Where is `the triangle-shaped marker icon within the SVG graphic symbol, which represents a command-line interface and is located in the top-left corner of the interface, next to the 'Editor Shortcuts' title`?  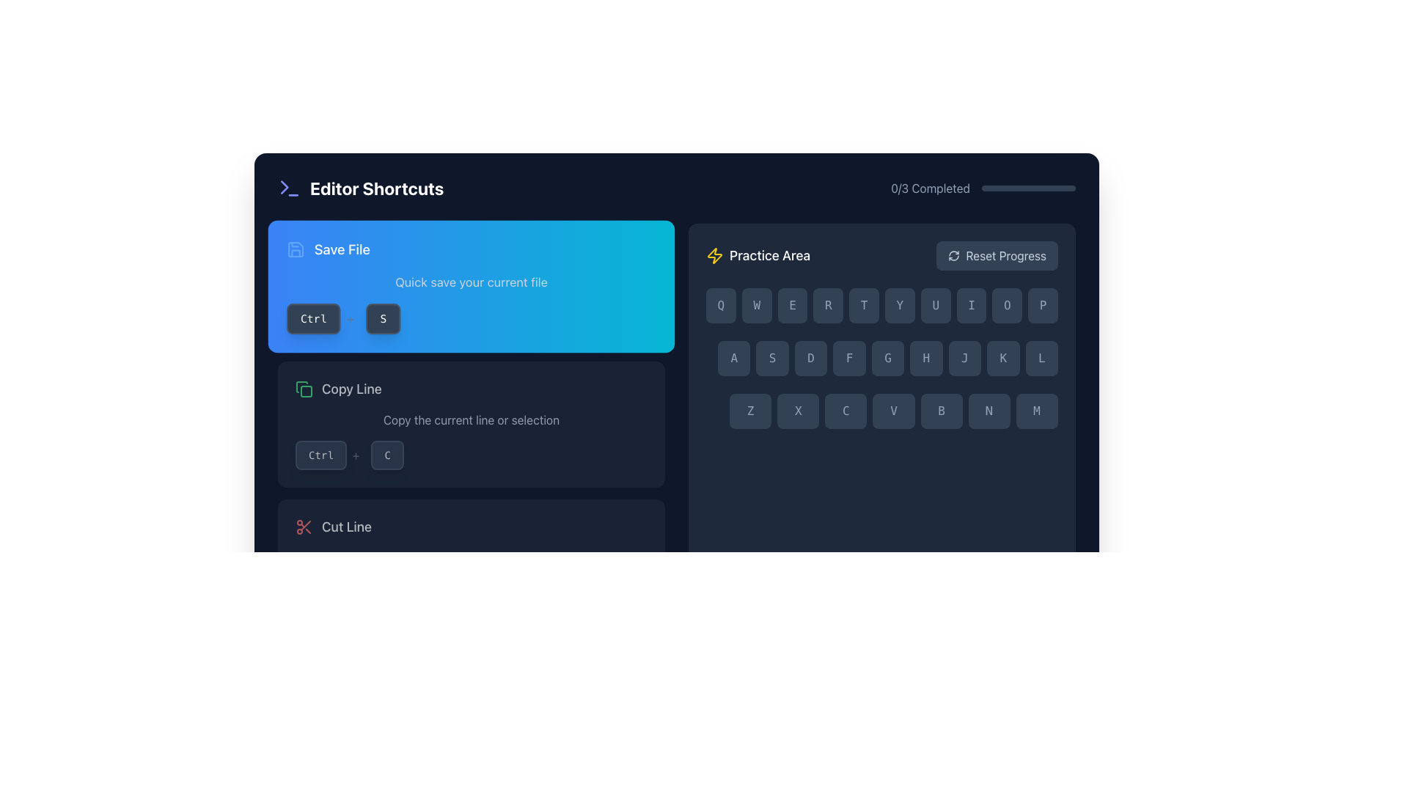 the triangle-shaped marker icon within the SVG graphic symbol, which represents a command-line interface and is located in the top-left corner of the interface, next to the 'Editor Shortcuts' title is located at coordinates (285, 186).